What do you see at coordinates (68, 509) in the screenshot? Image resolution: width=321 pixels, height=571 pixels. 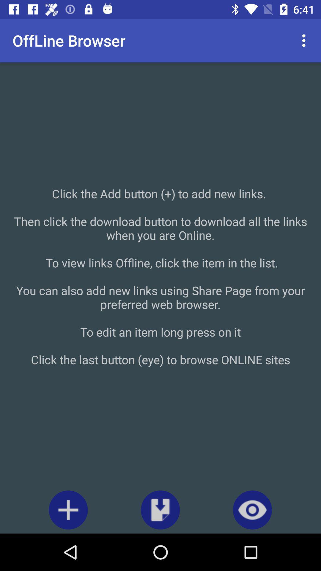 I see `app below click the add` at bounding box center [68, 509].